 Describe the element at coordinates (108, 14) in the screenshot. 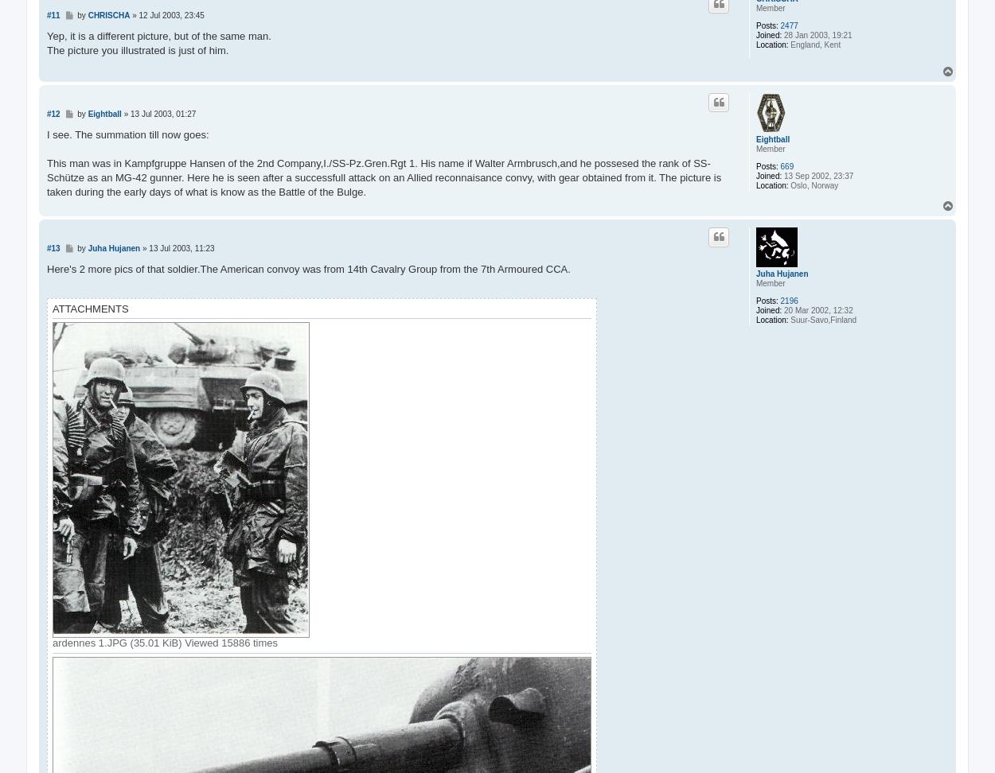

I see `'CHRISCHA'` at that location.